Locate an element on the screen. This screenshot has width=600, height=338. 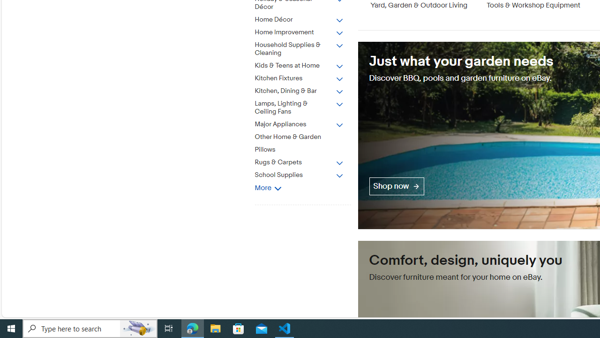
'Household Supplies & Cleaning' is located at coordinates (306, 47).